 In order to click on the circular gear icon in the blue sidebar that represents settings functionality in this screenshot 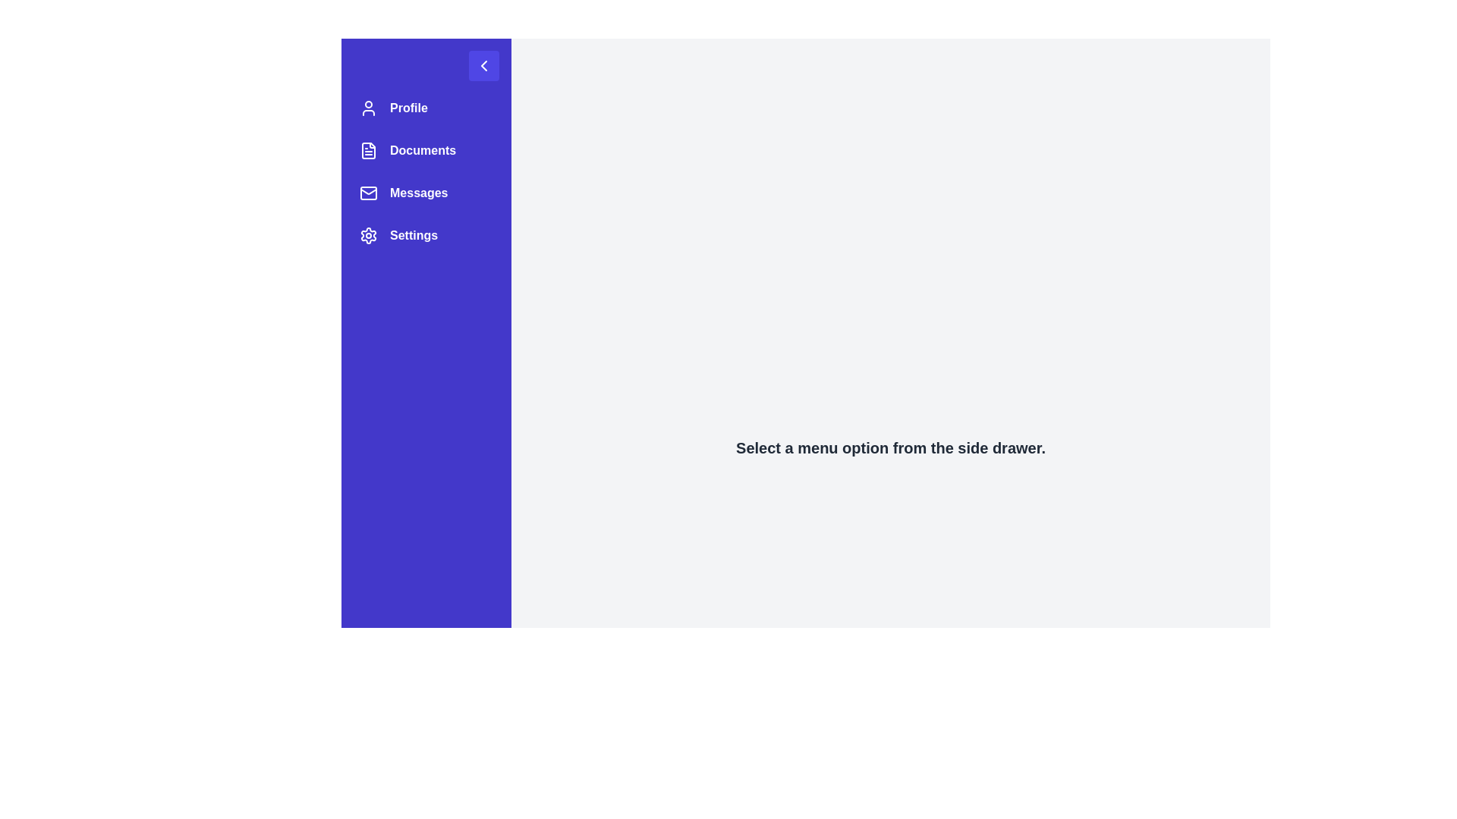, I will do `click(368, 236)`.